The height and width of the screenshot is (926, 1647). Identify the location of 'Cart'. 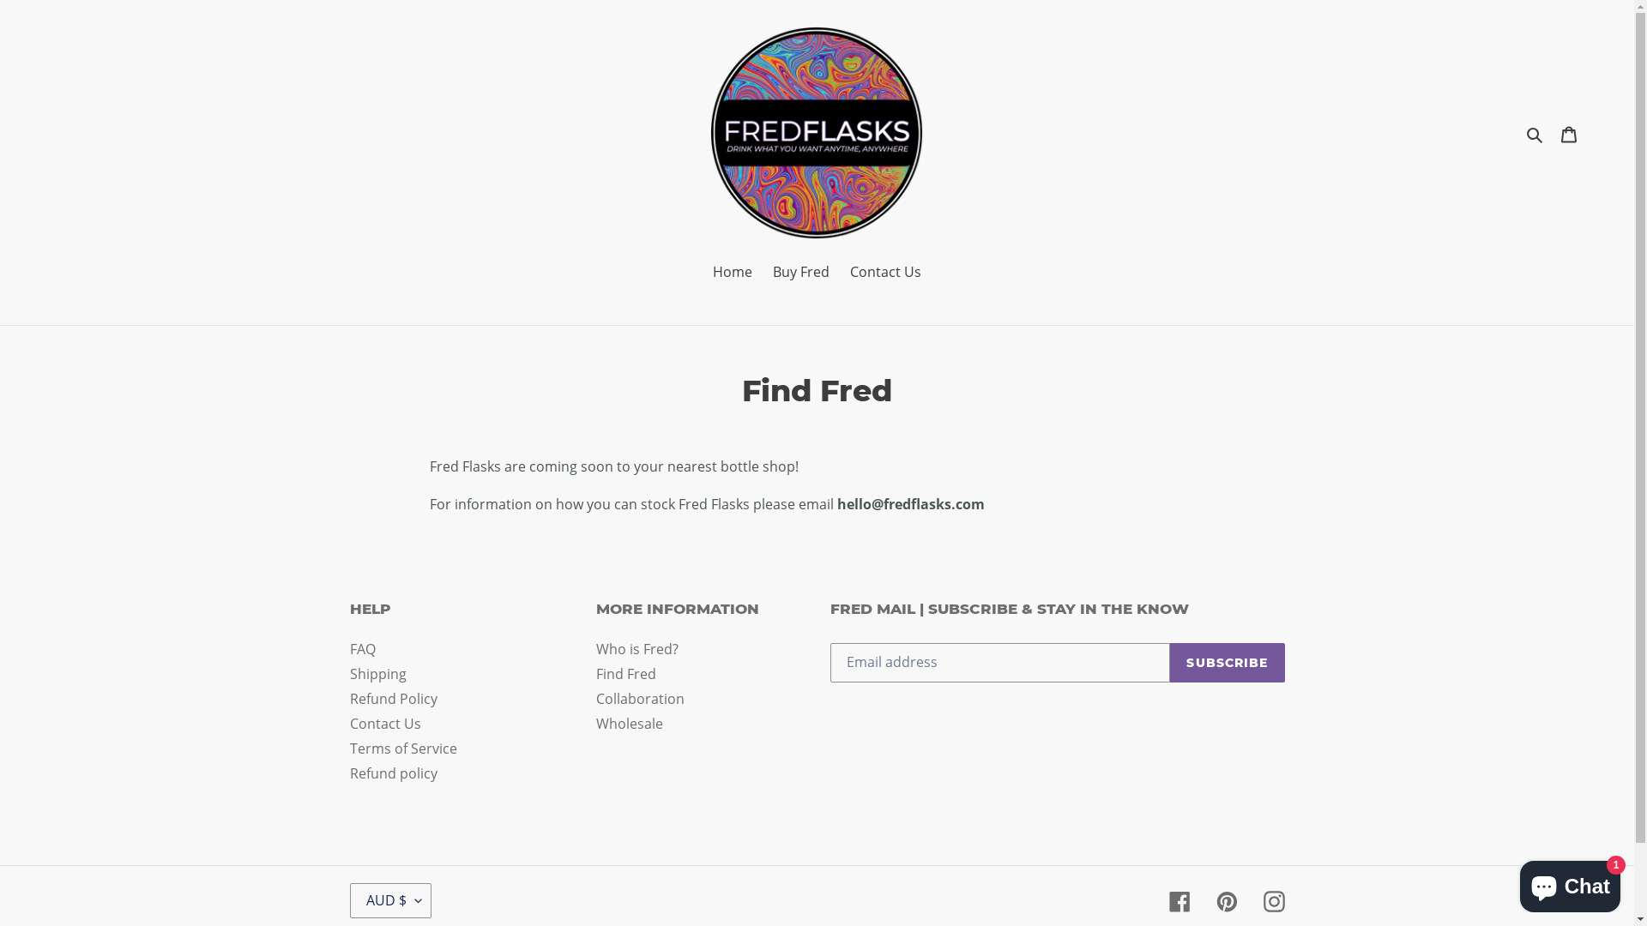
(1551, 131).